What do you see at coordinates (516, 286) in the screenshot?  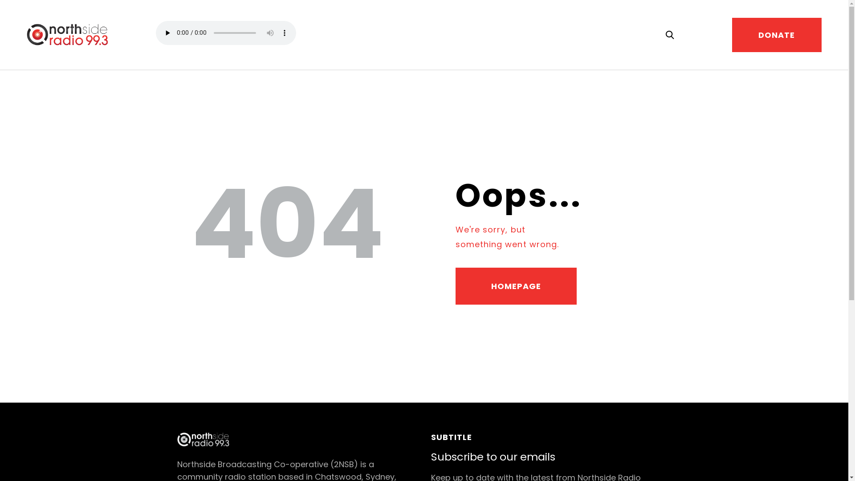 I see `'HOMEPAGE'` at bounding box center [516, 286].